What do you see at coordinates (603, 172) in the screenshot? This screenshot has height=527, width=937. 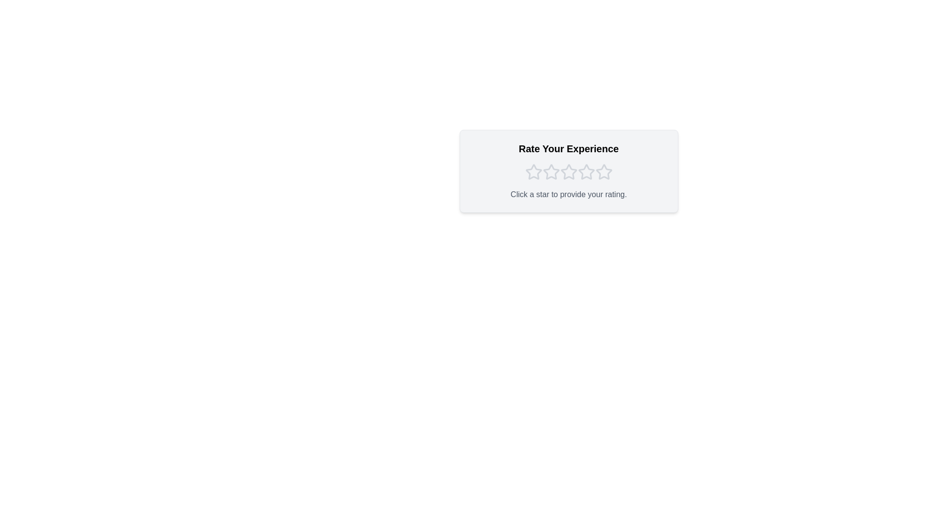 I see `the star corresponding to 5 to preview the selection` at bounding box center [603, 172].